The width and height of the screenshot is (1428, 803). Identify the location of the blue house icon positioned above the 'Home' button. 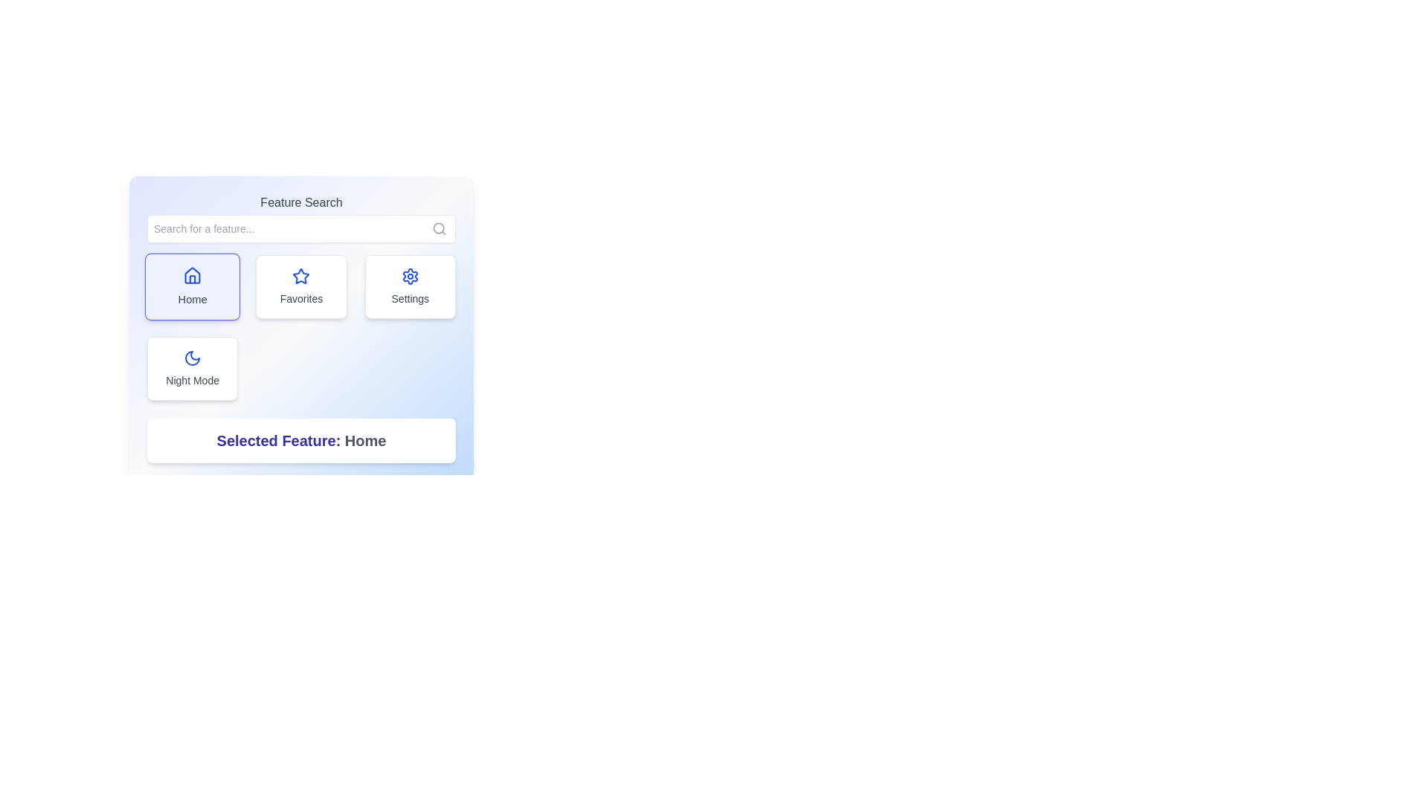
(192, 276).